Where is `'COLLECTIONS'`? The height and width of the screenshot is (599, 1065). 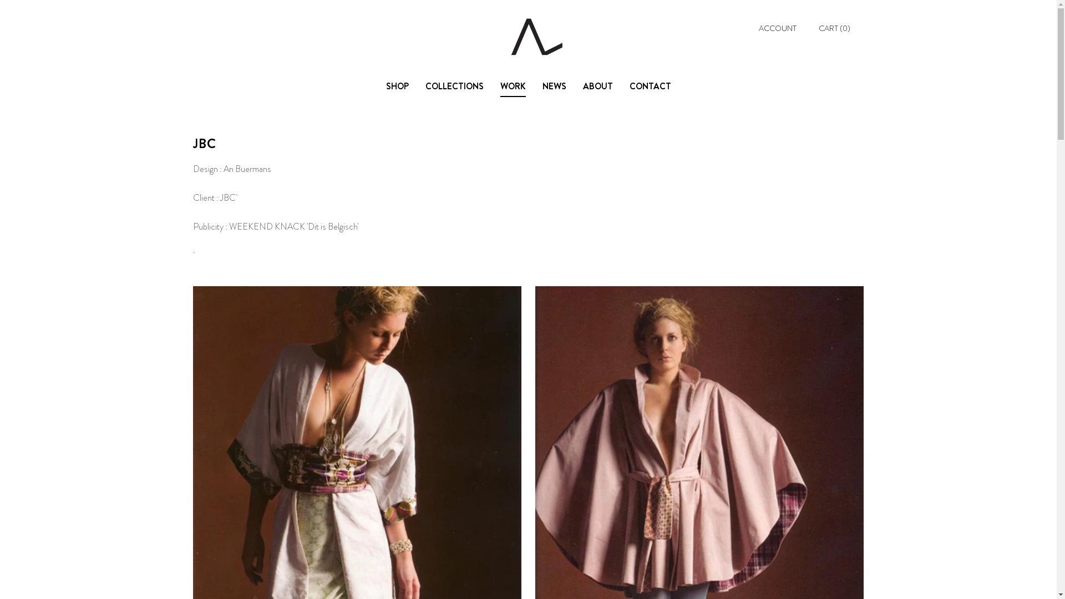
'COLLECTIONS' is located at coordinates (454, 86).